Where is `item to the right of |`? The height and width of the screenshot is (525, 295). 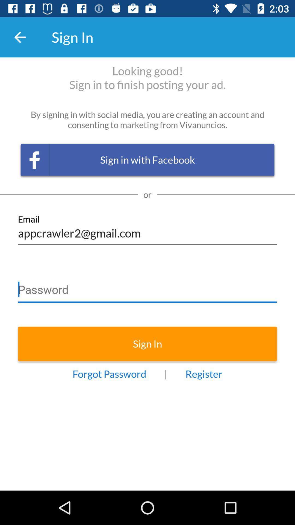
item to the right of | is located at coordinates (204, 374).